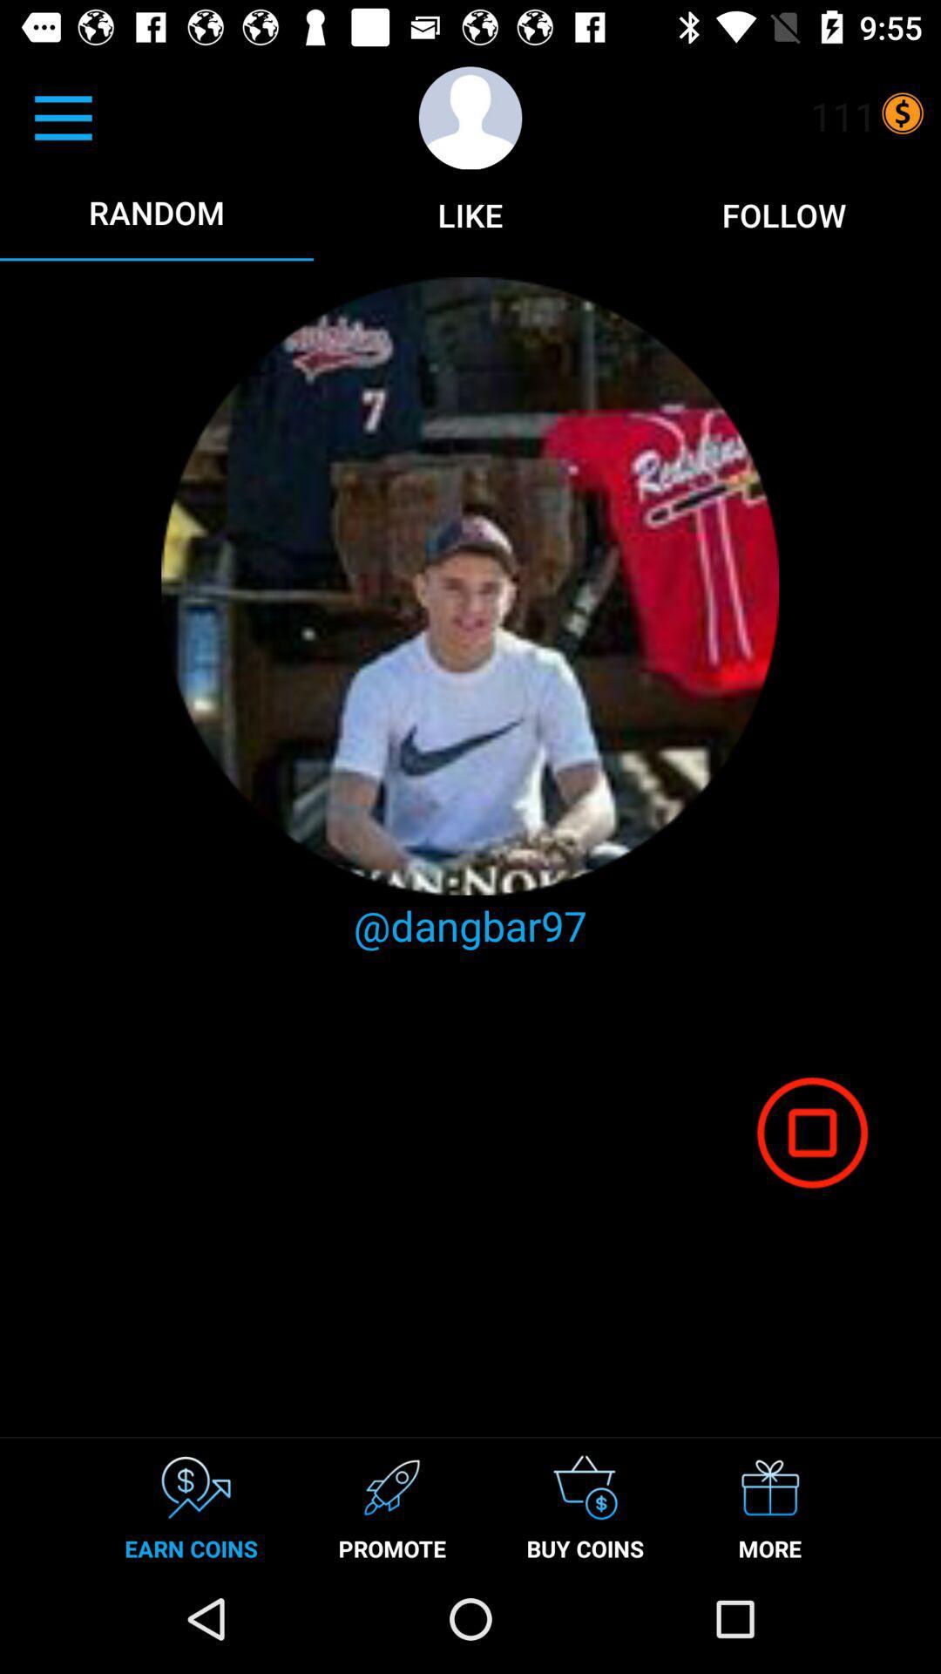 The width and height of the screenshot is (941, 1674). What do you see at coordinates (63, 117) in the screenshot?
I see `the option which is above random` at bounding box center [63, 117].